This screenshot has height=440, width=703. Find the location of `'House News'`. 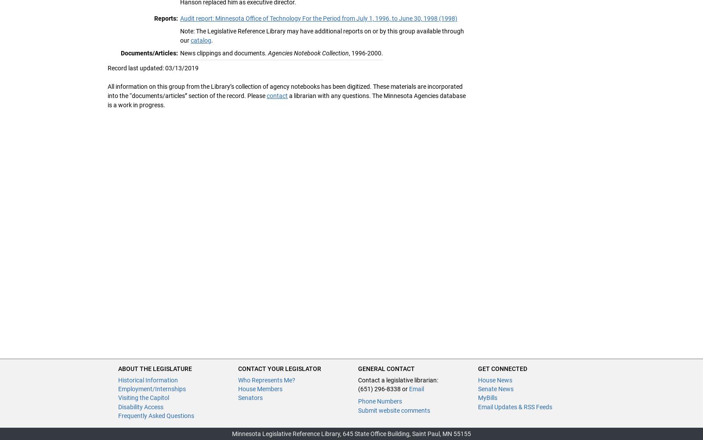

'House News' is located at coordinates (495, 379).